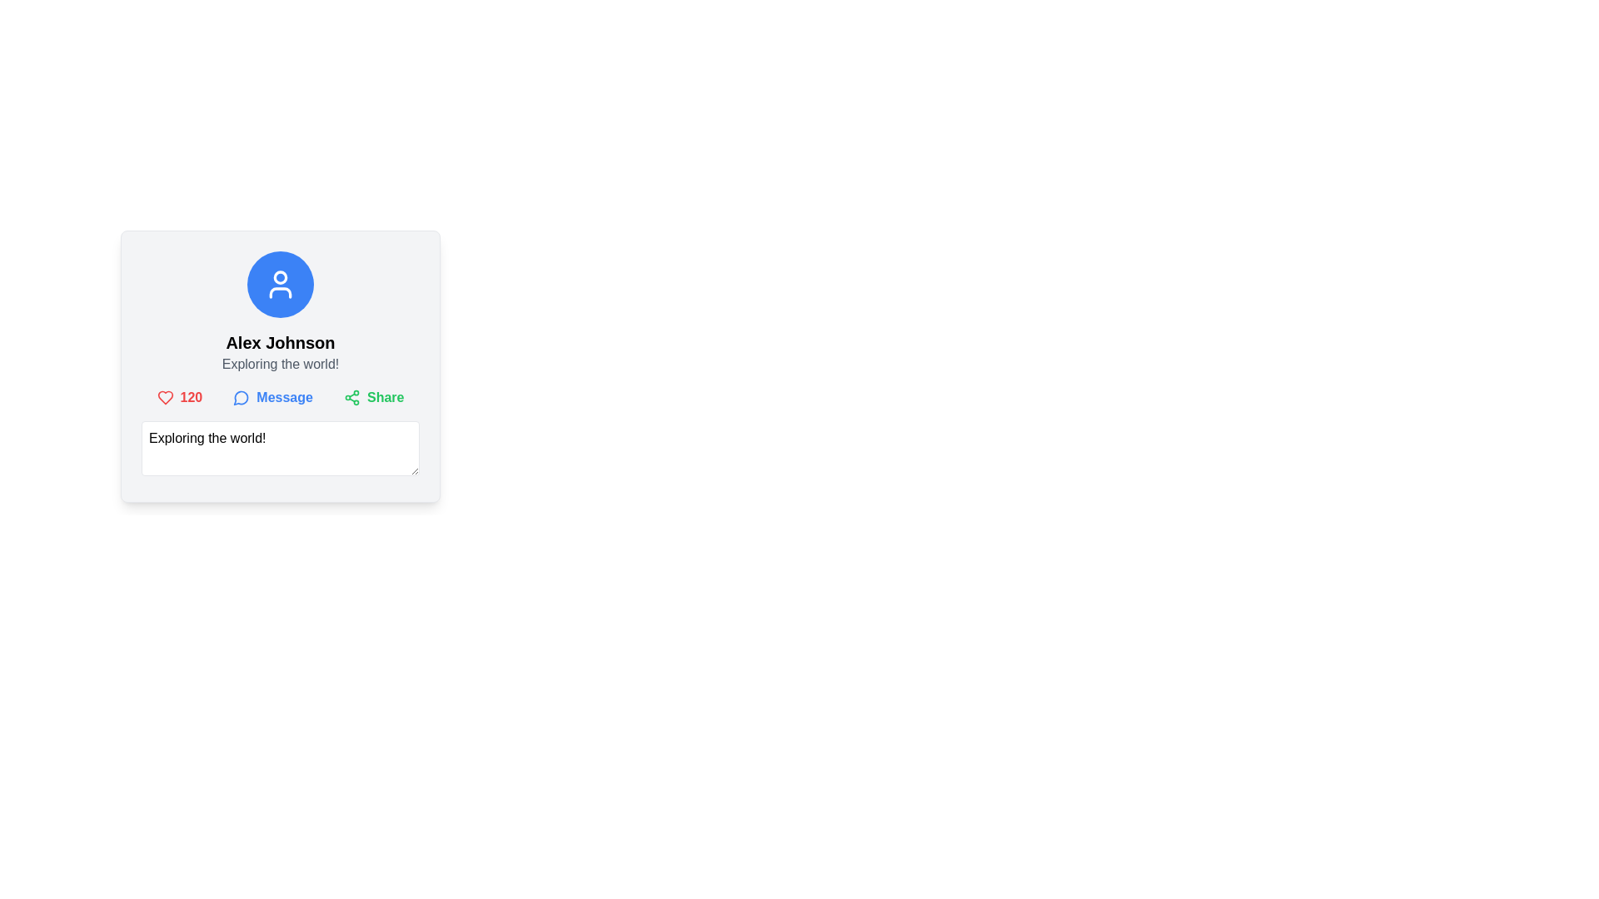  I want to click on the icon component representing the user's profile avatar, which is a simplified line-drawn graphic of shoulders and head within a circular blue background, located at the top-center of the user profile card, so click(280, 291).